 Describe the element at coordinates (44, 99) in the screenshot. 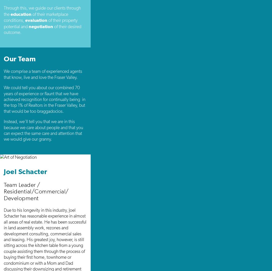

I see `'We could tell you about our combined 70 years of experience or flaunt that we have achieved recognition for continually being  in the top 1% of Realtors in the Fraser Valley, but that would be too braggadocios.'` at that location.